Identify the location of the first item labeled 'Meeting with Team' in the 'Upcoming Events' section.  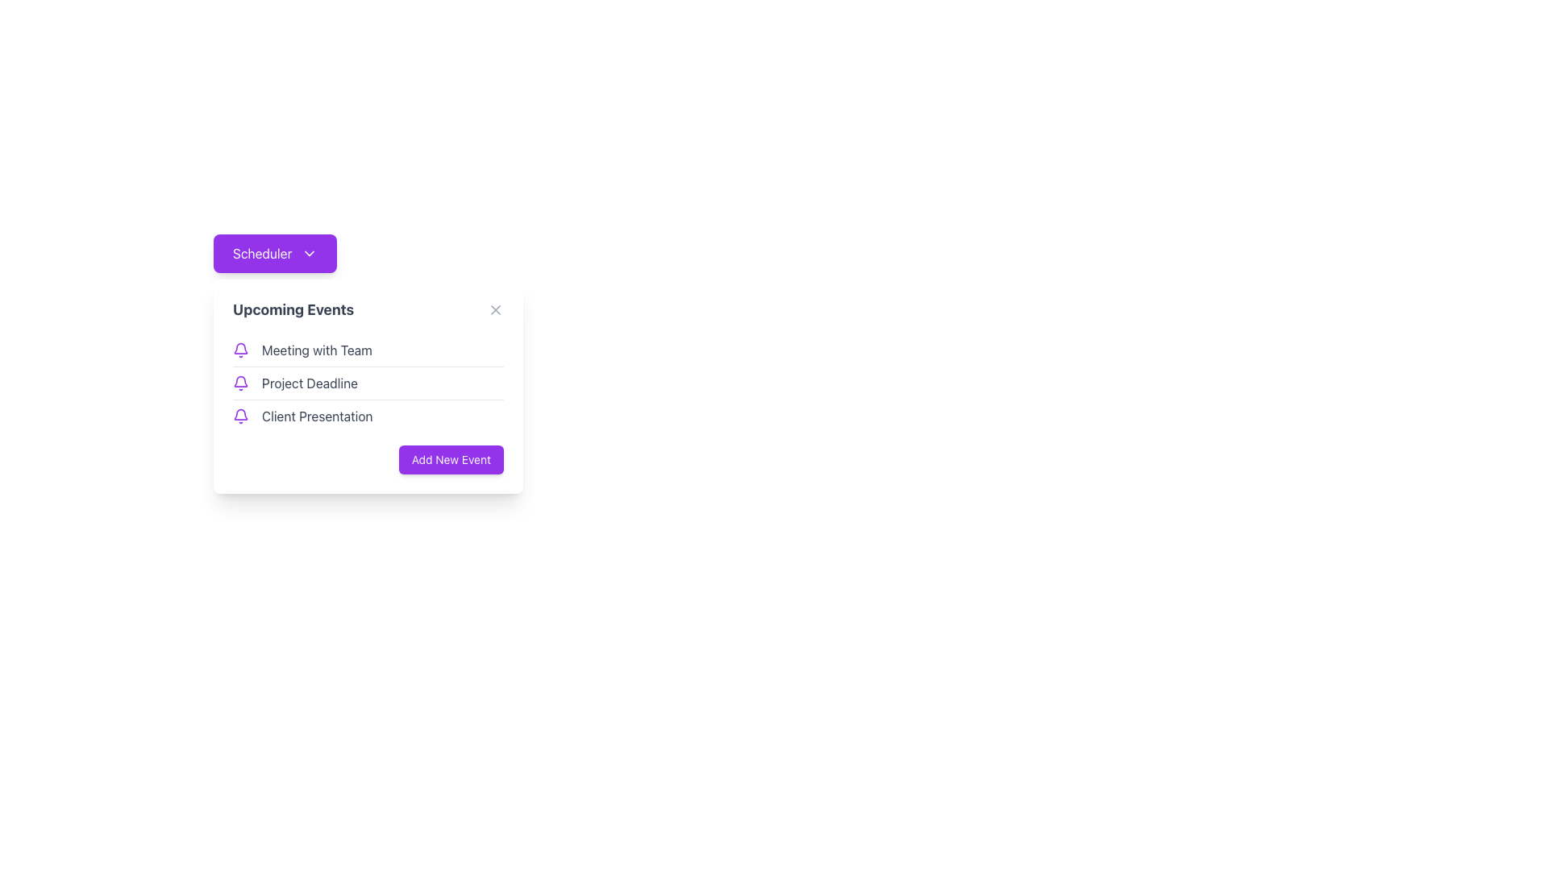
(367, 350).